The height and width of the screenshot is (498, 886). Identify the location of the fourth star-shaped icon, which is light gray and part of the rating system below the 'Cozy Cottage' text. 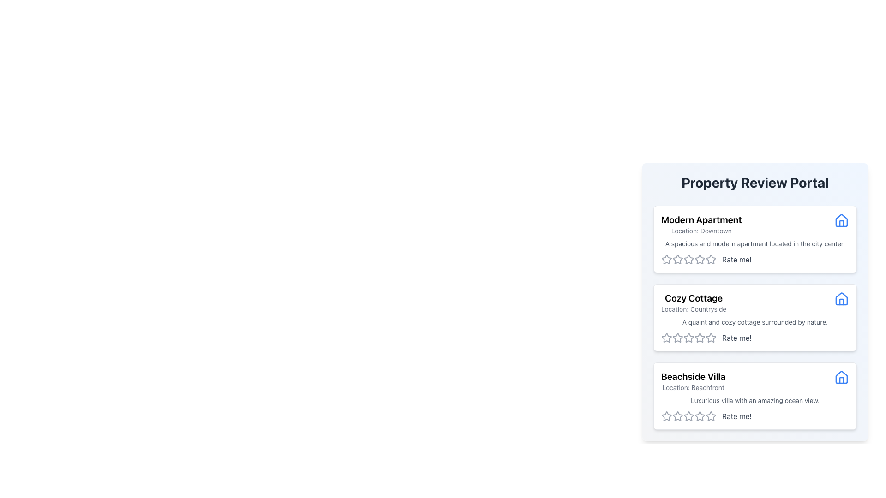
(710, 338).